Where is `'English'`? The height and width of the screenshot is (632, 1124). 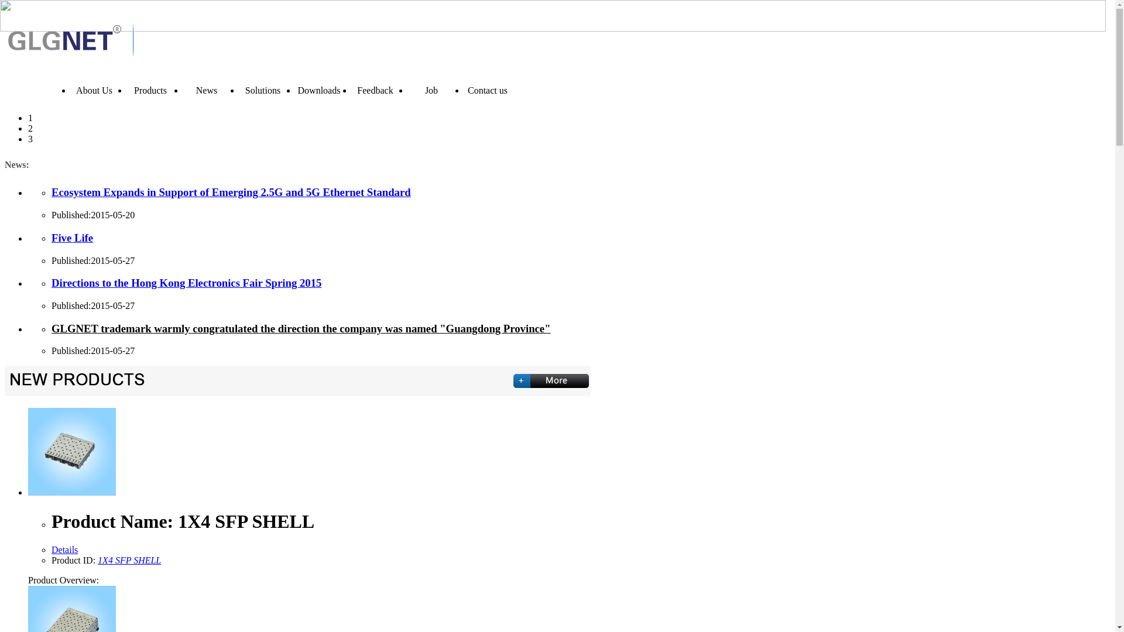 'English' is located at coordinates (542, 90).